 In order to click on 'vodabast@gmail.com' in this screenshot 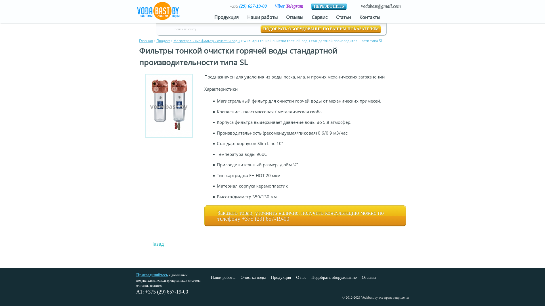, I will do `click(381, 6)`.